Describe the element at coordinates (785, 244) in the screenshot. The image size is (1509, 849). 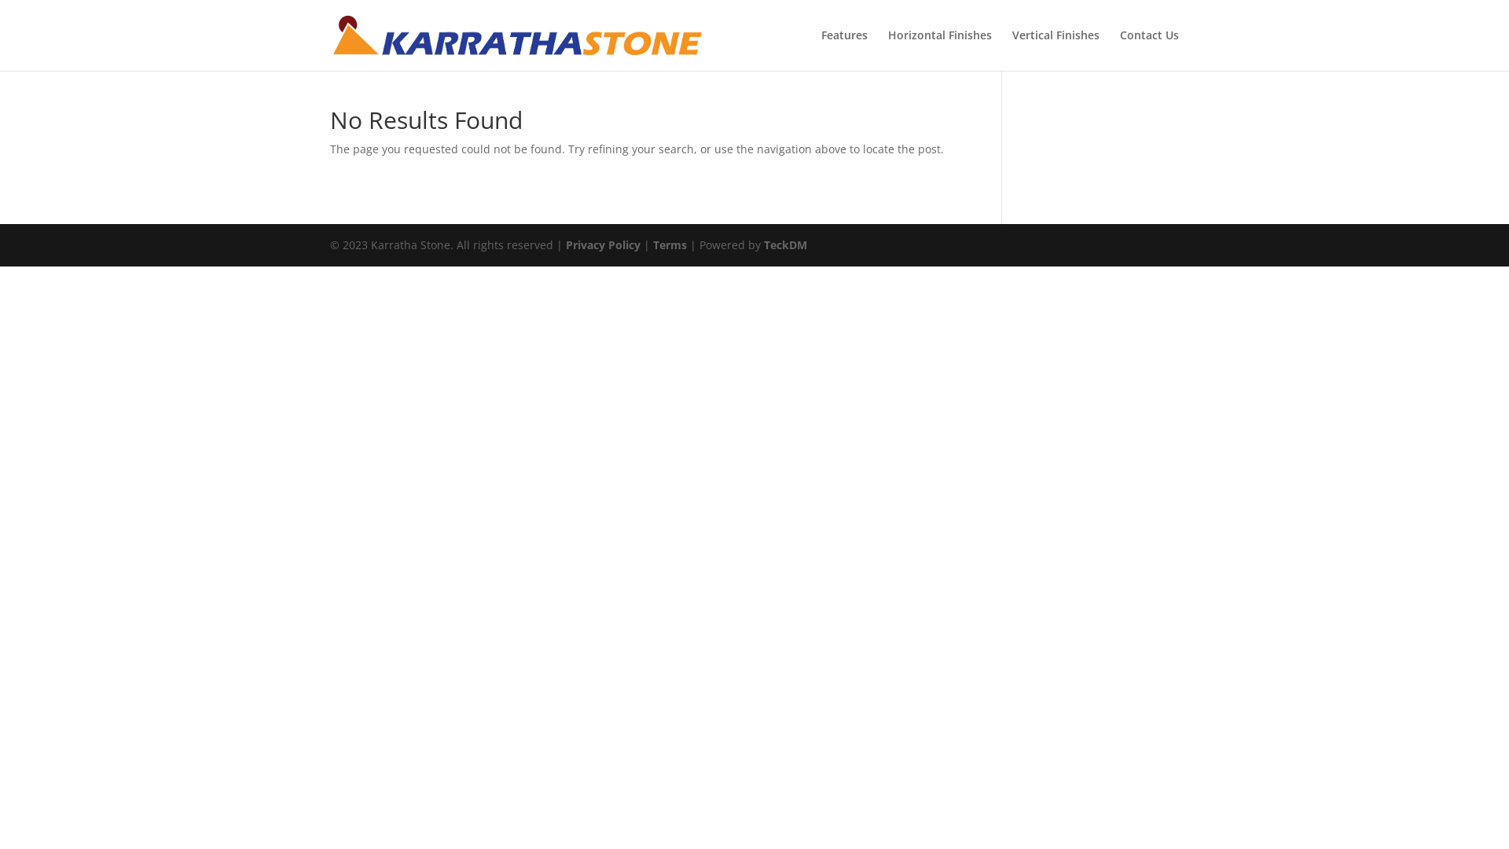
I see `'TeckDM'` at that location.